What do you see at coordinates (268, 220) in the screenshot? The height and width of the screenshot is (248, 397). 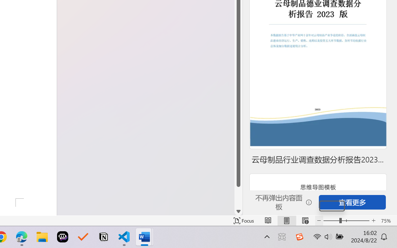 I see `'Read Mode'` at bounding box center [268, 220].